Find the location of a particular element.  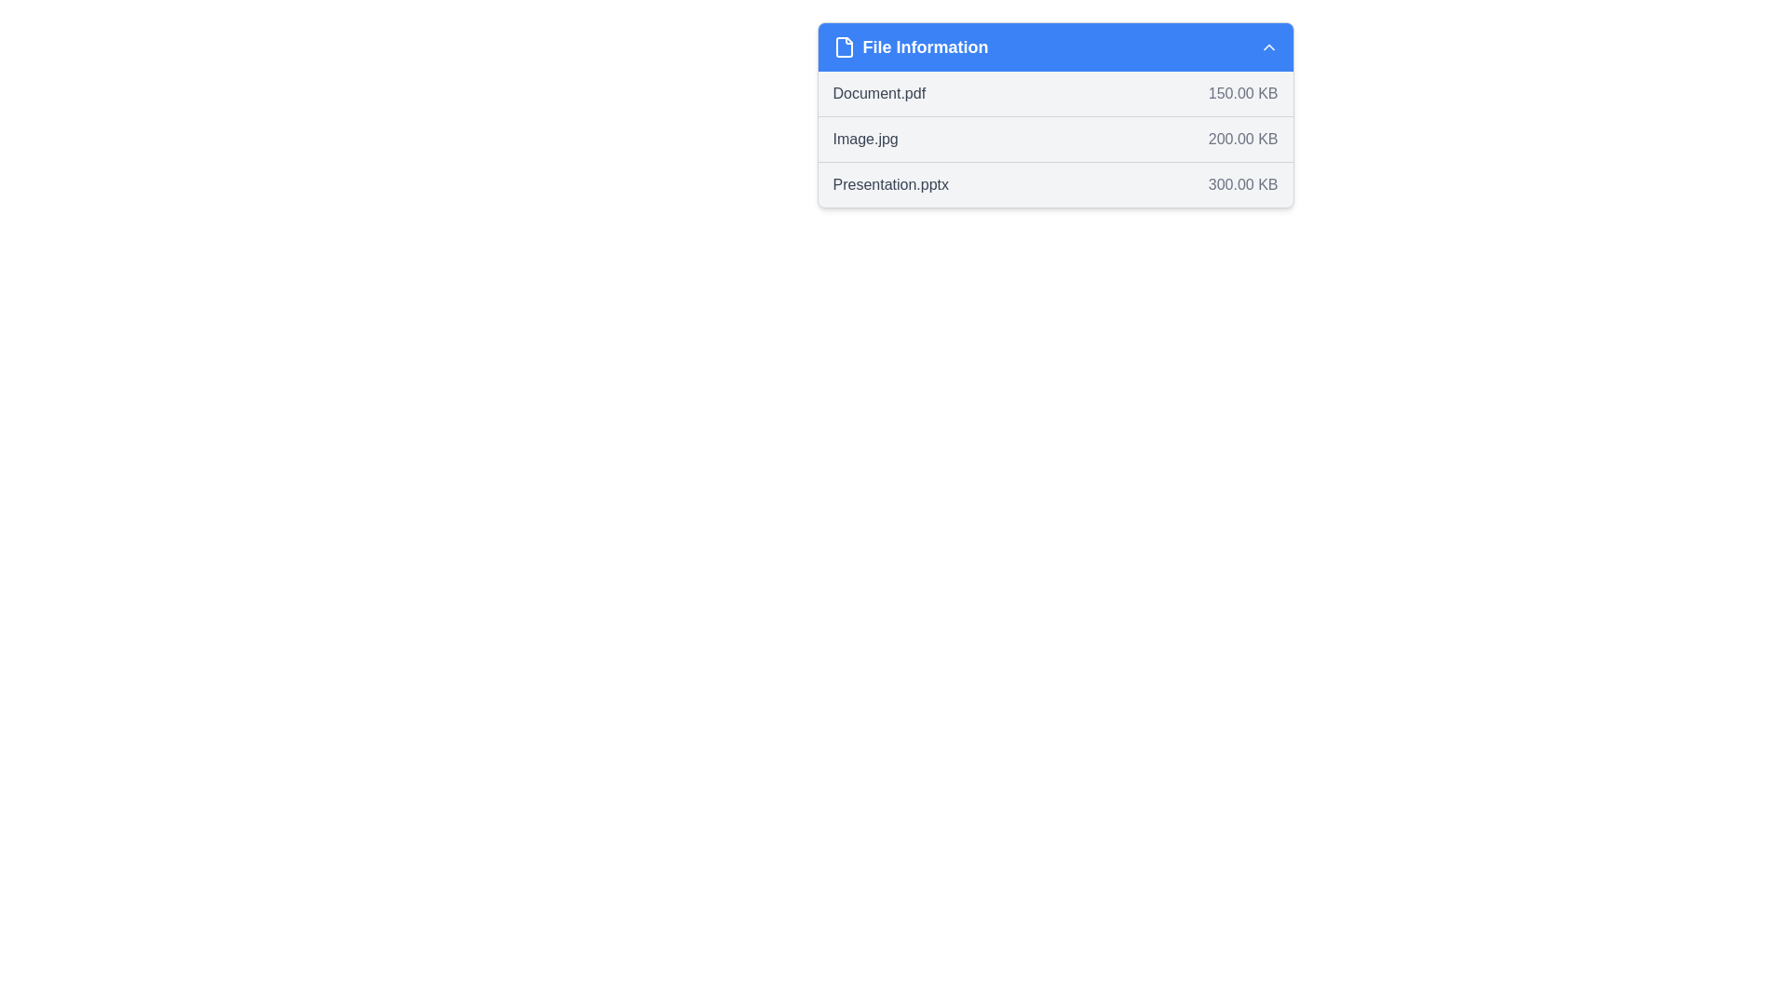

the 'file' or 'document' icon located at the top-left corner of the 'File Information' section is located at coordinates (843, 46).